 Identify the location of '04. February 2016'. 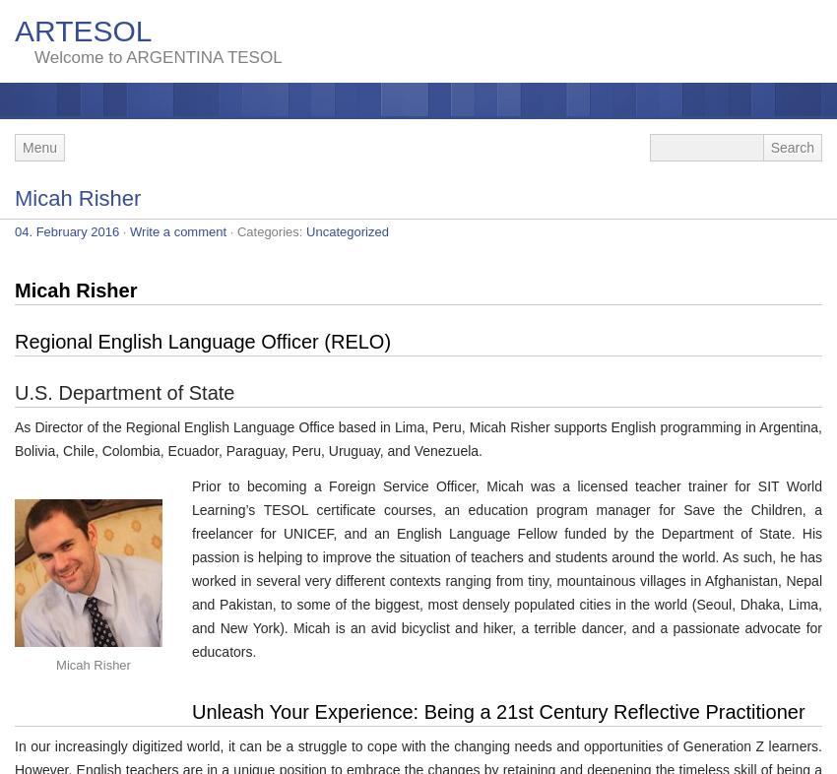
(67, 231).